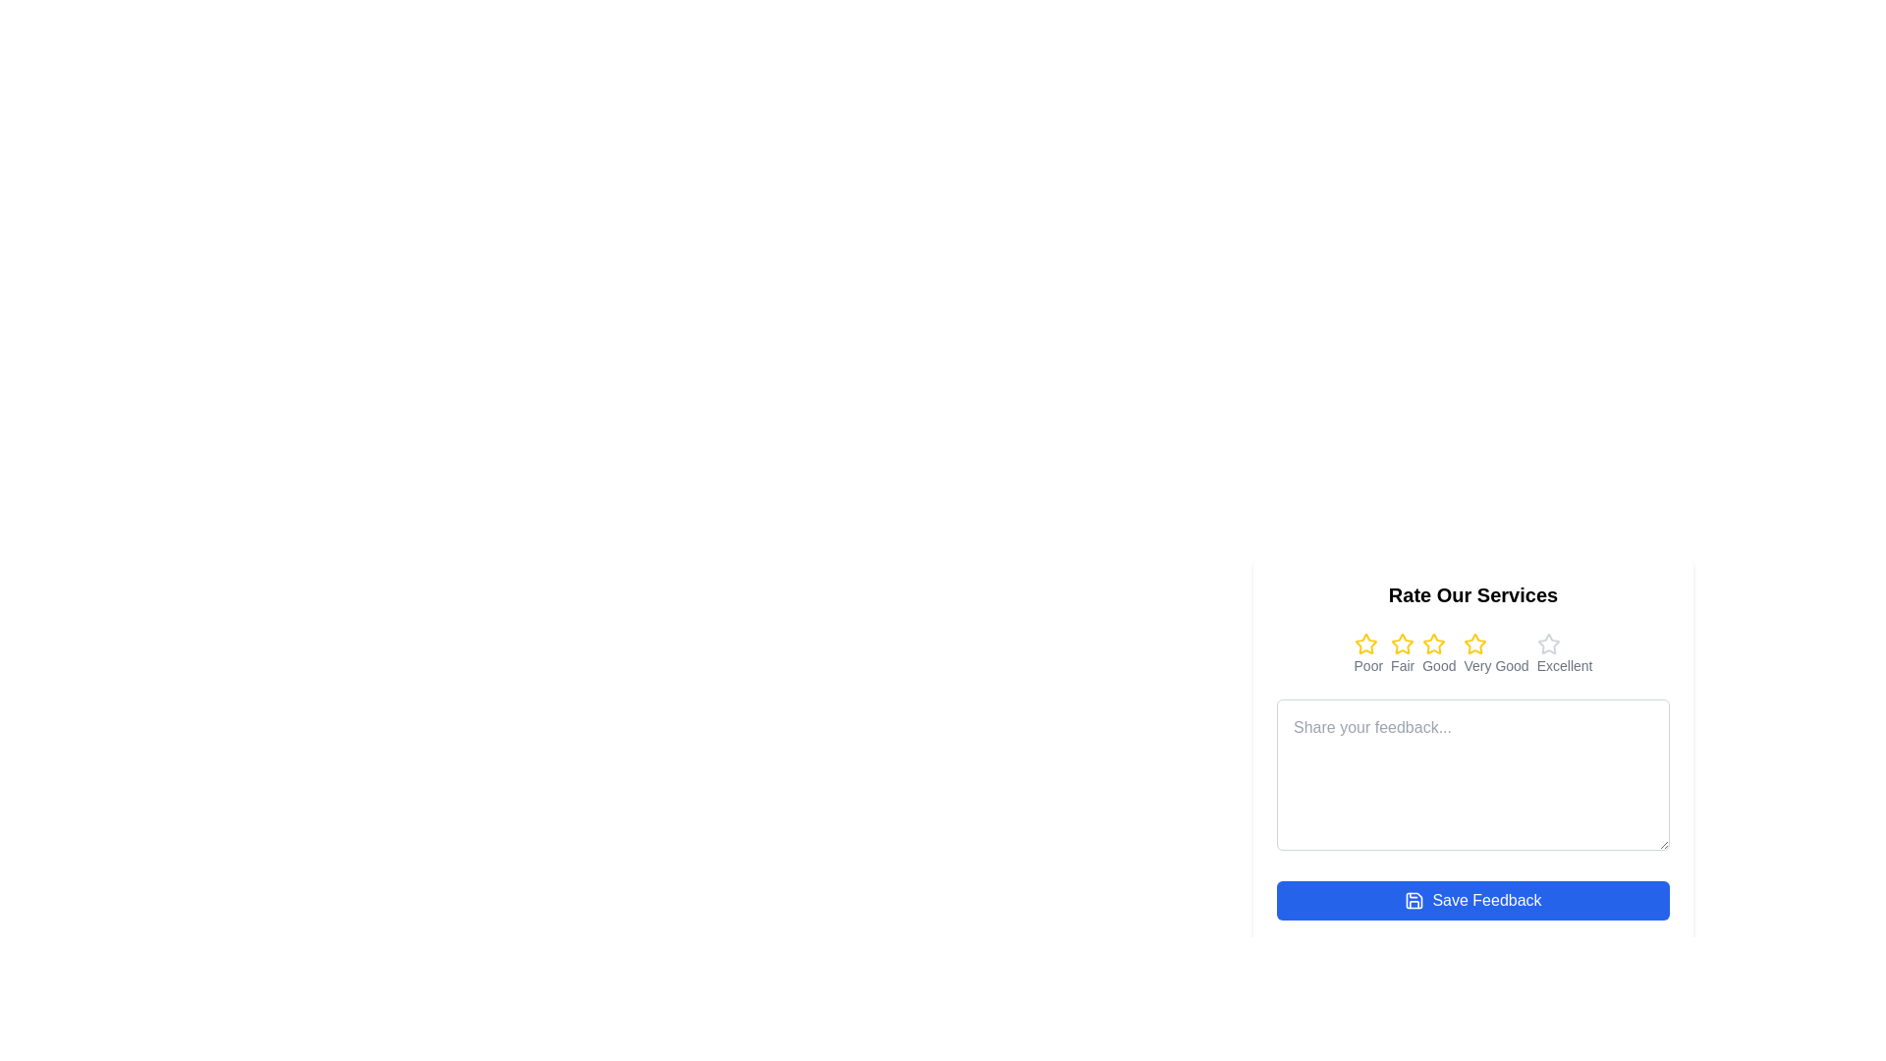  I want to click on the save icon, which is a blue floppy disk icon located on the right side of the 'Save Feedback' button at the bottom of the feedback form, so click(1414, 901).